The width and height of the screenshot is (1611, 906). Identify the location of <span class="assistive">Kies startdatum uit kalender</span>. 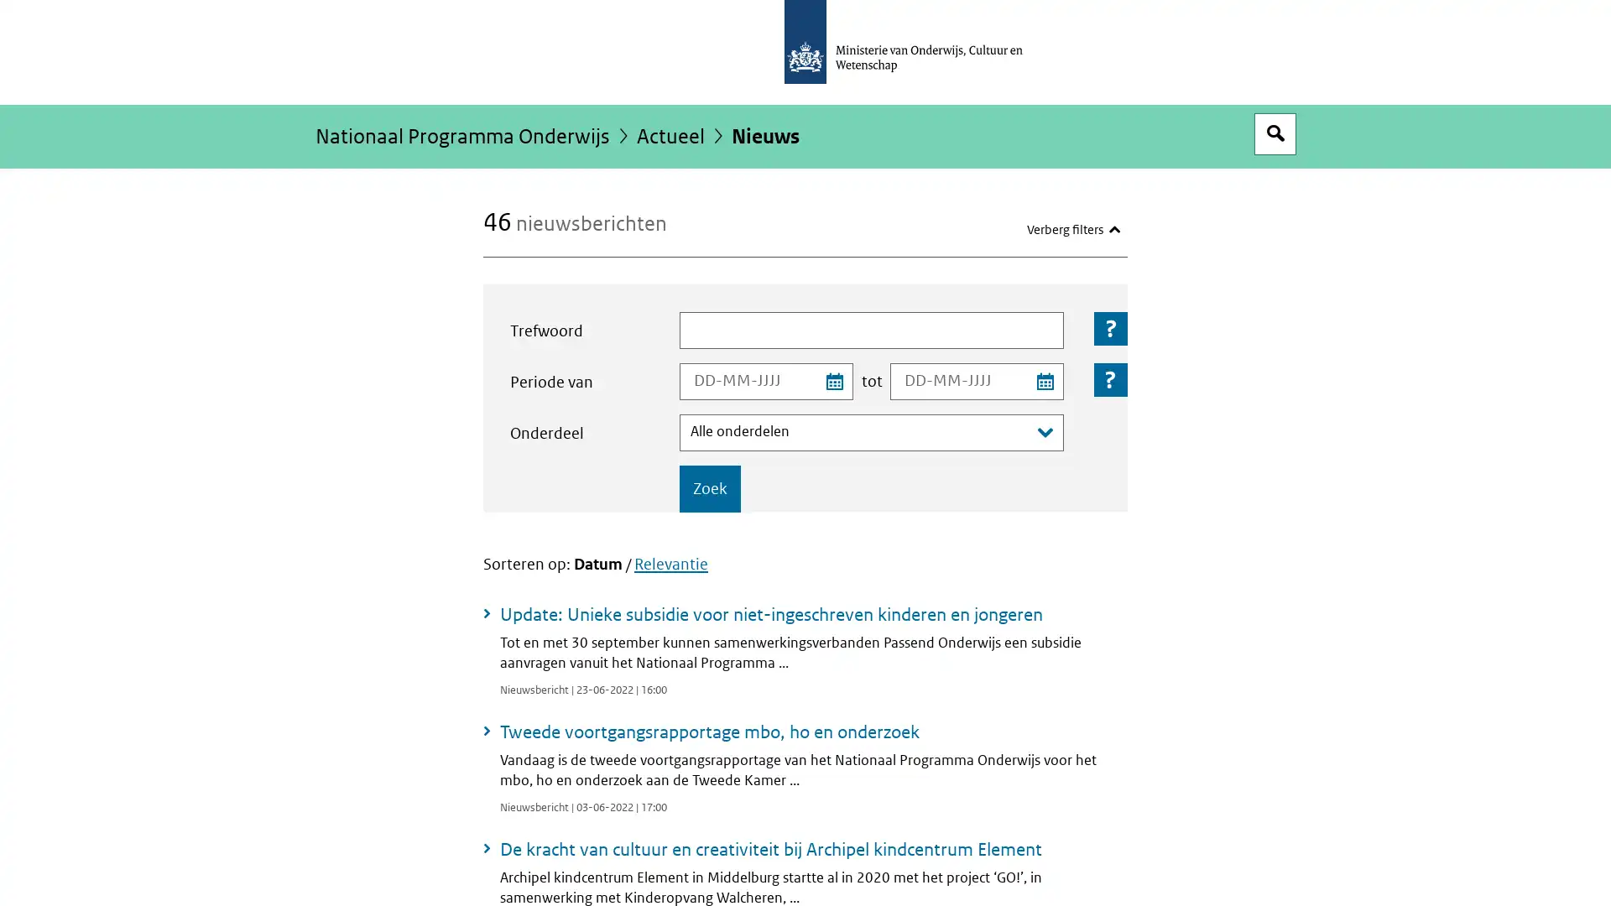
(834, 381).